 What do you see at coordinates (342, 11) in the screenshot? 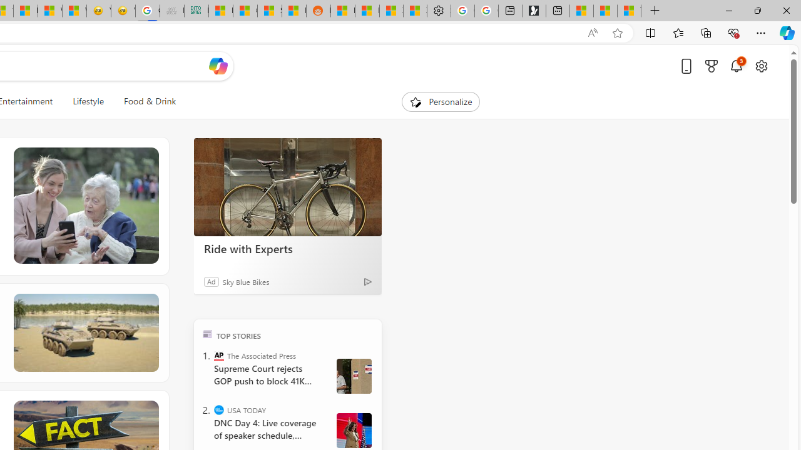
I see `'R******* | Trusted Community Engagement and Contributions'` at bounding box center [342, 11].